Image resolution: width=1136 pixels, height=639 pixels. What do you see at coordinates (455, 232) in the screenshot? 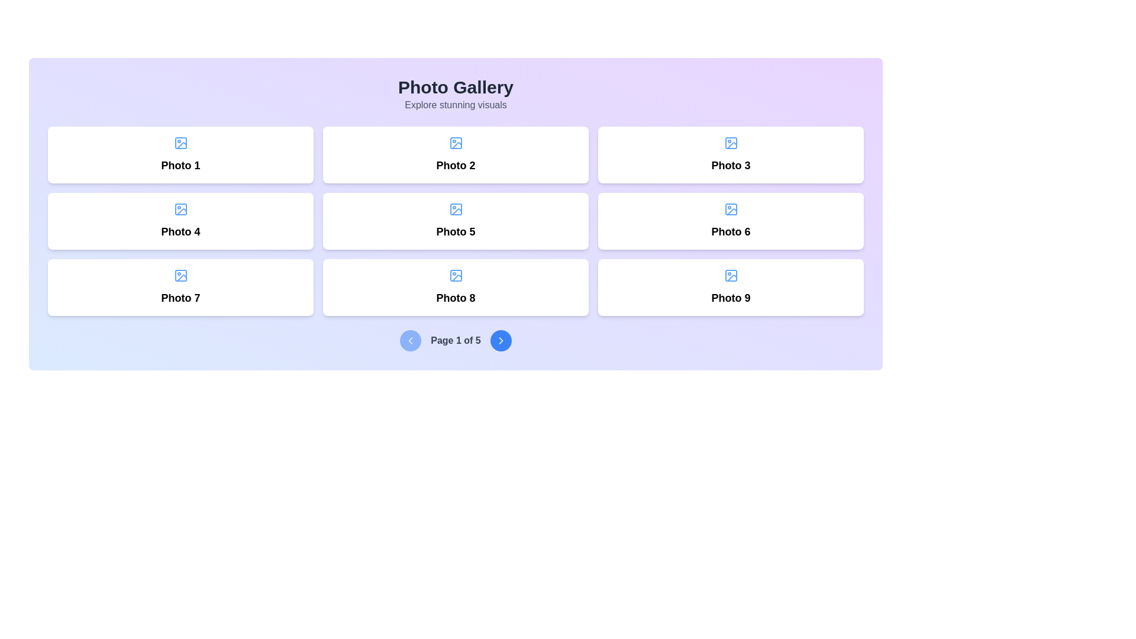
I see `the text label displaying 'Photo 5' located in the middle column of the second row in a grid layout` at bounding box center [455, 232].